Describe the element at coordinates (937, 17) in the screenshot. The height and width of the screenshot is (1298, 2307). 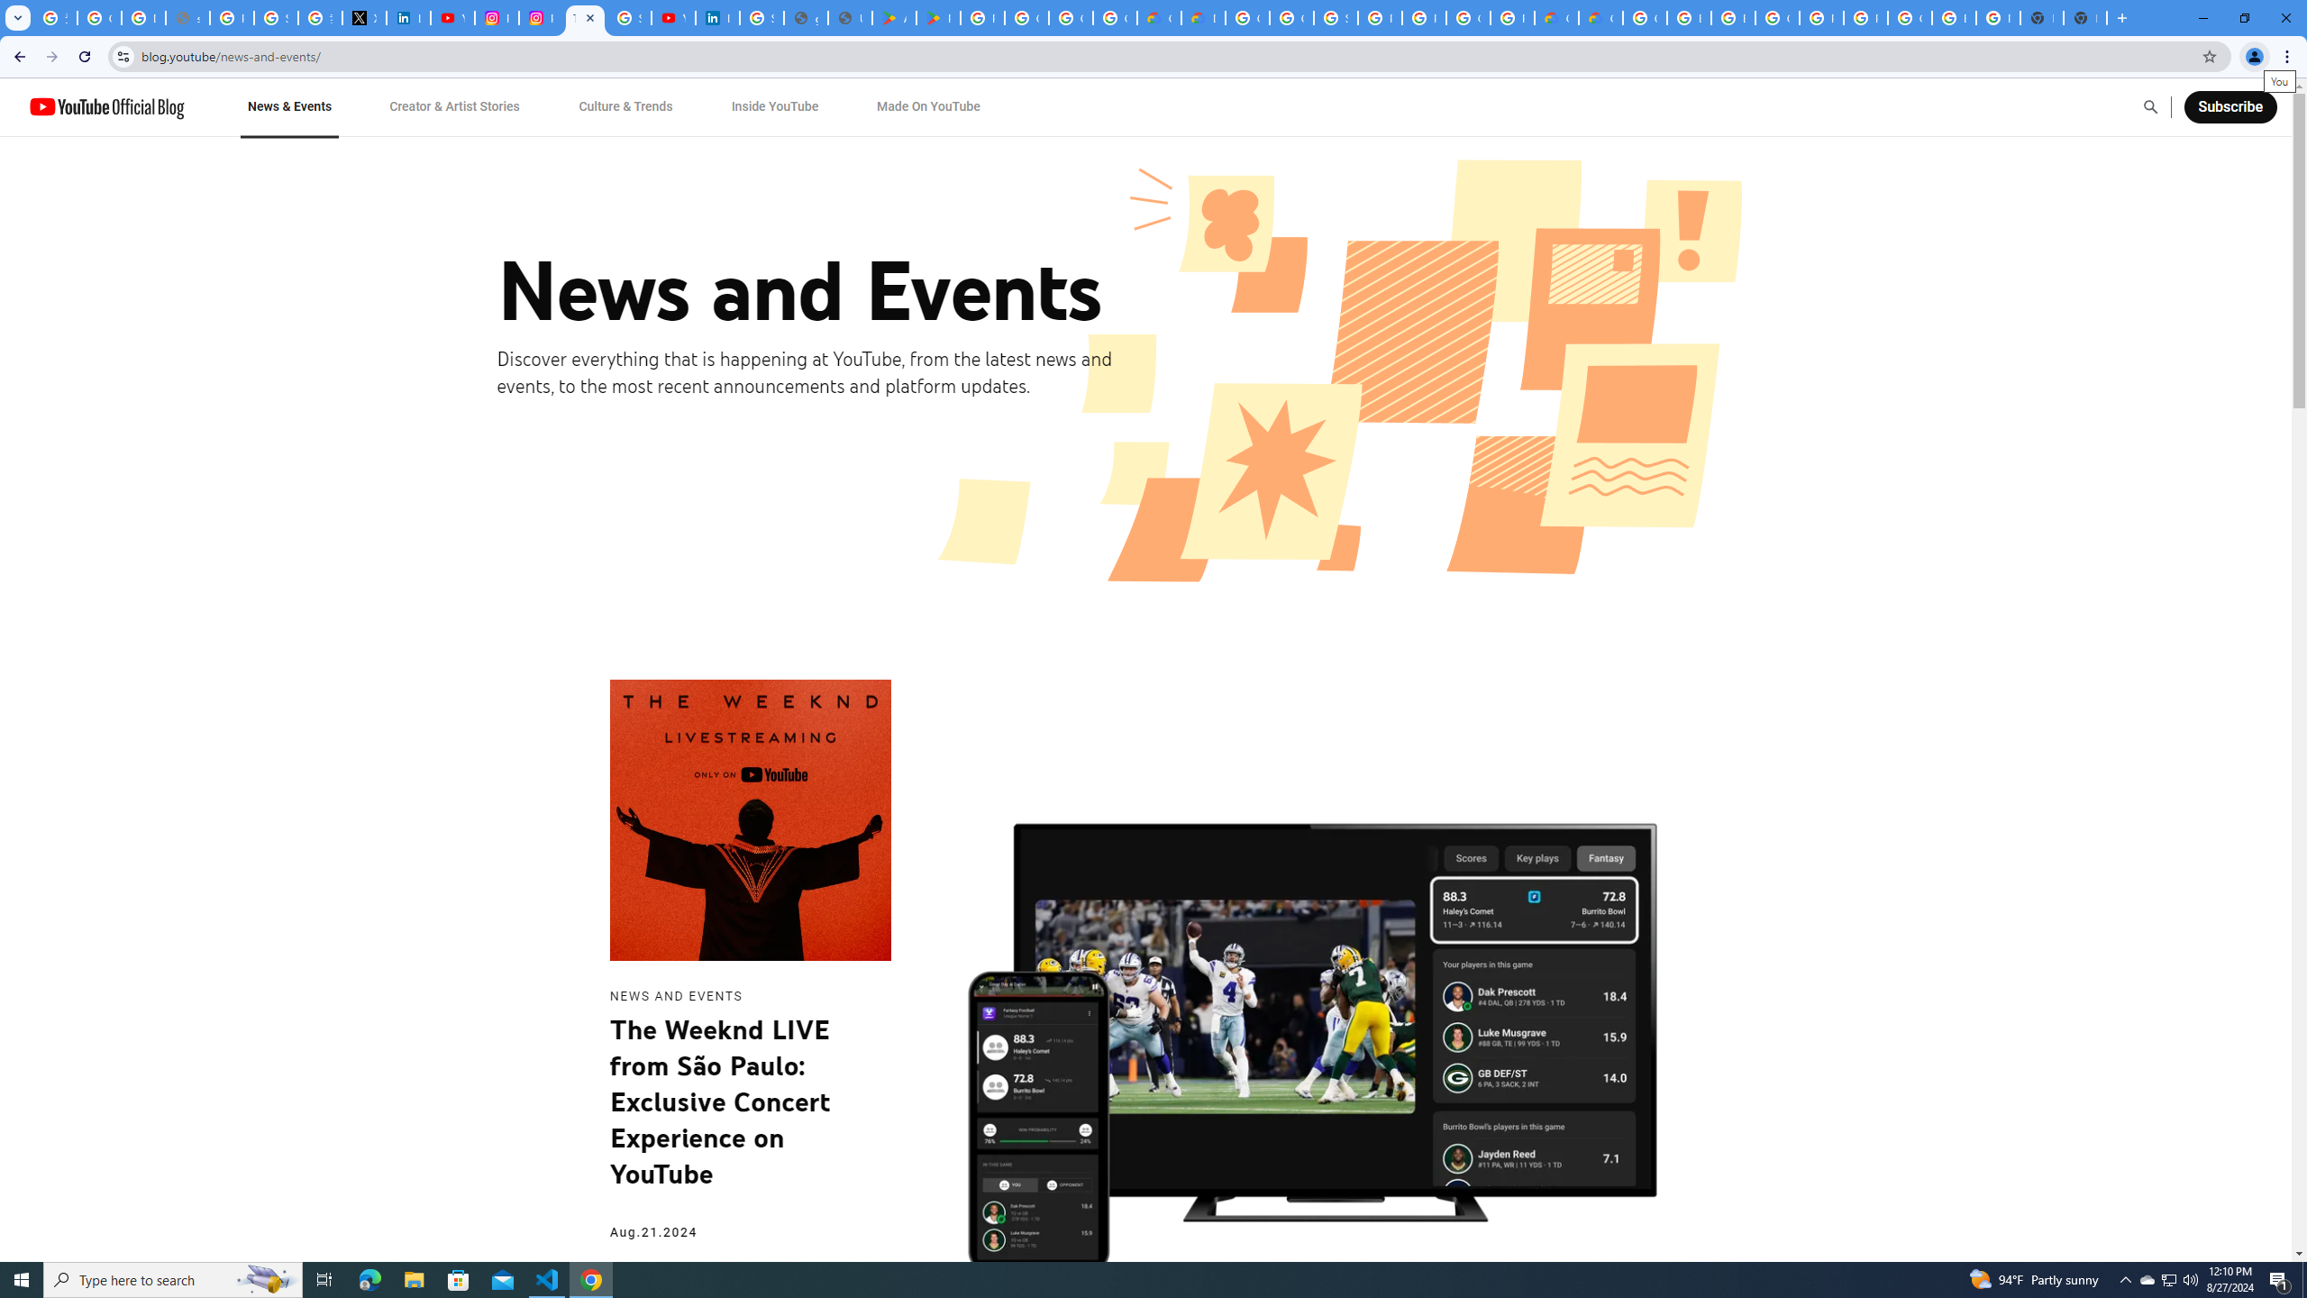
I see `'PAW Patrol Rescue World - Apps on Google Play'` at that location.